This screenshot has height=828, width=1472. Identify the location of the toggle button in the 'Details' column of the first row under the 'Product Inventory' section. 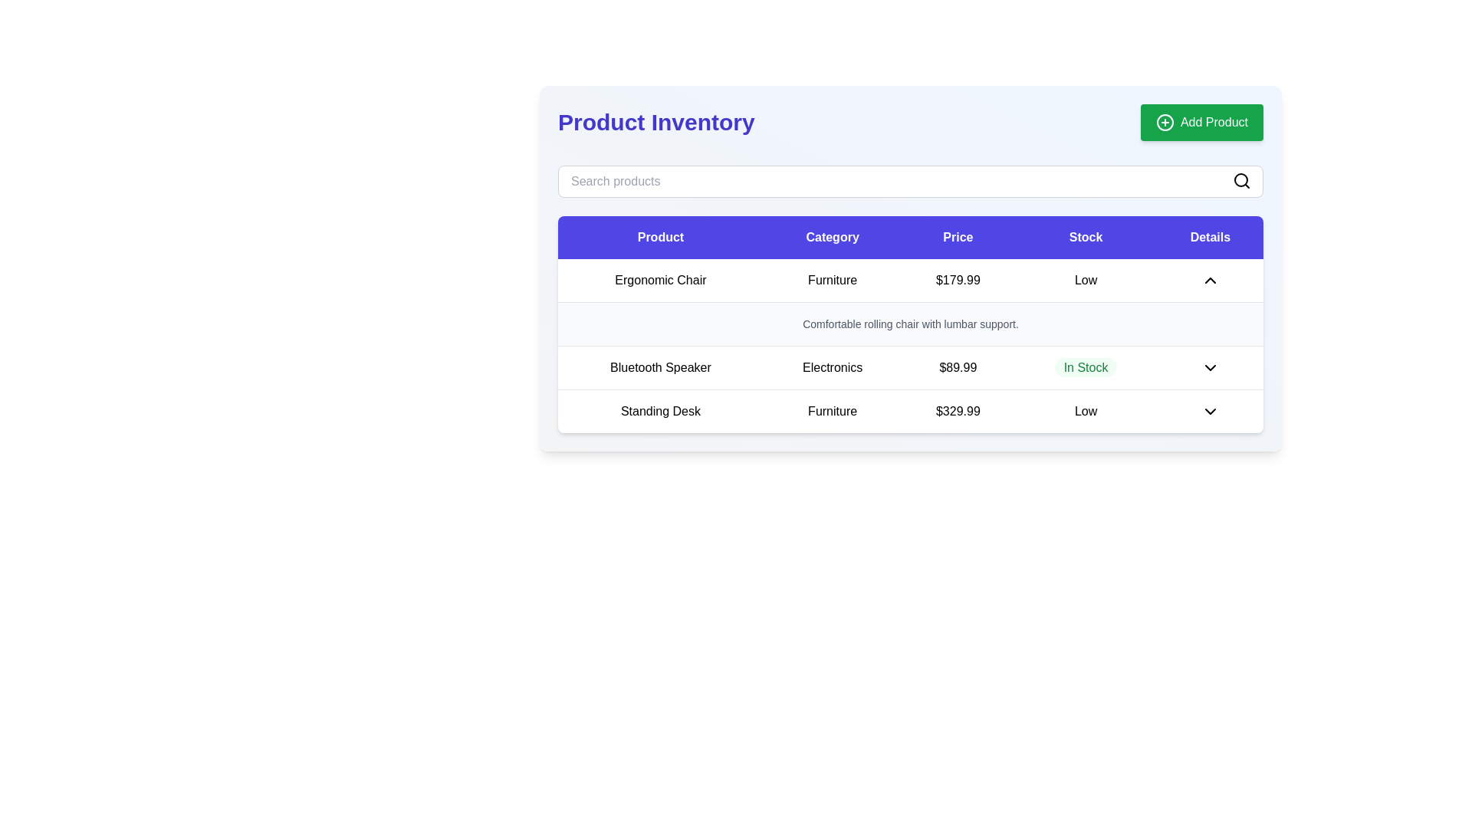
(1209, 281).